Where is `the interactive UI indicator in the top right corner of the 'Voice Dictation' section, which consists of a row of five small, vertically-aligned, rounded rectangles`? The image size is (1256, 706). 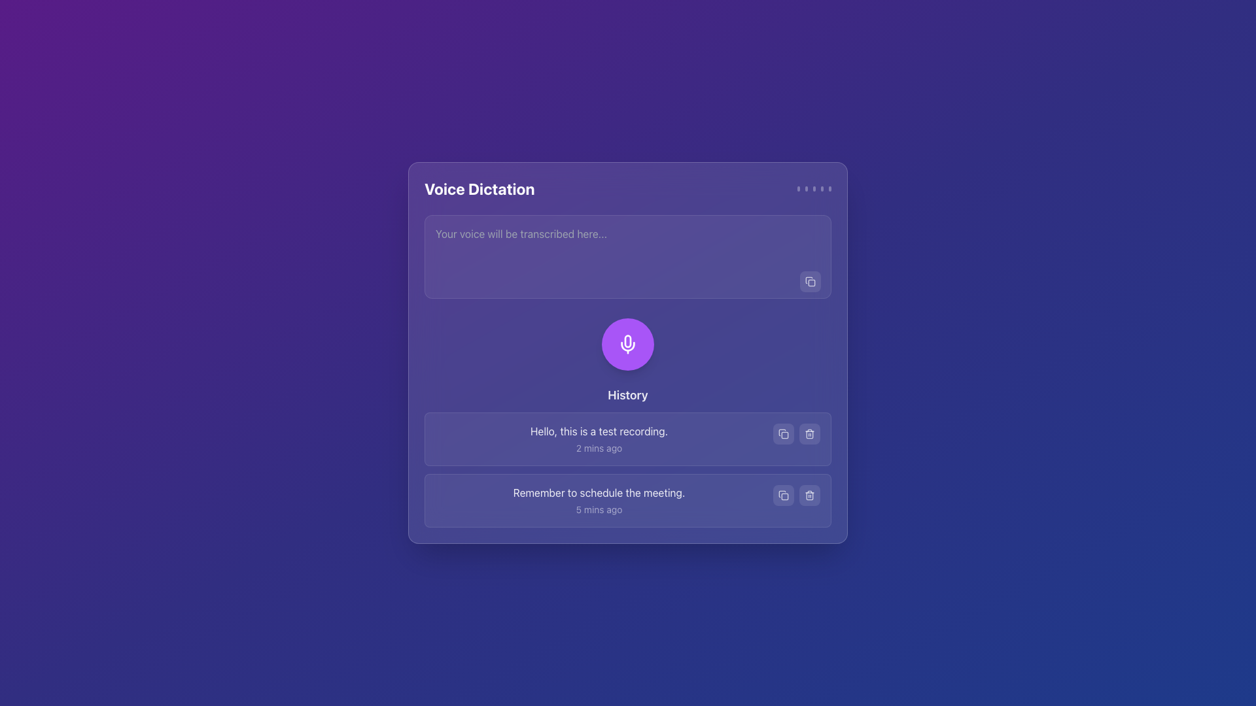 the interactive UI indicator in the top right corner of the 'Voice Dictation' section, which consists of a row of five small, vertically-aligned, rounded rectangles is located at coordinates (813, 189).